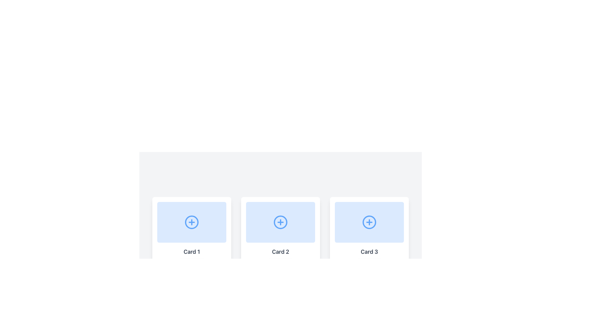  I want to click on the circle located at the center of the plus icon on Card 2, which is intended for adding new items or functionality, so click(280, 222).